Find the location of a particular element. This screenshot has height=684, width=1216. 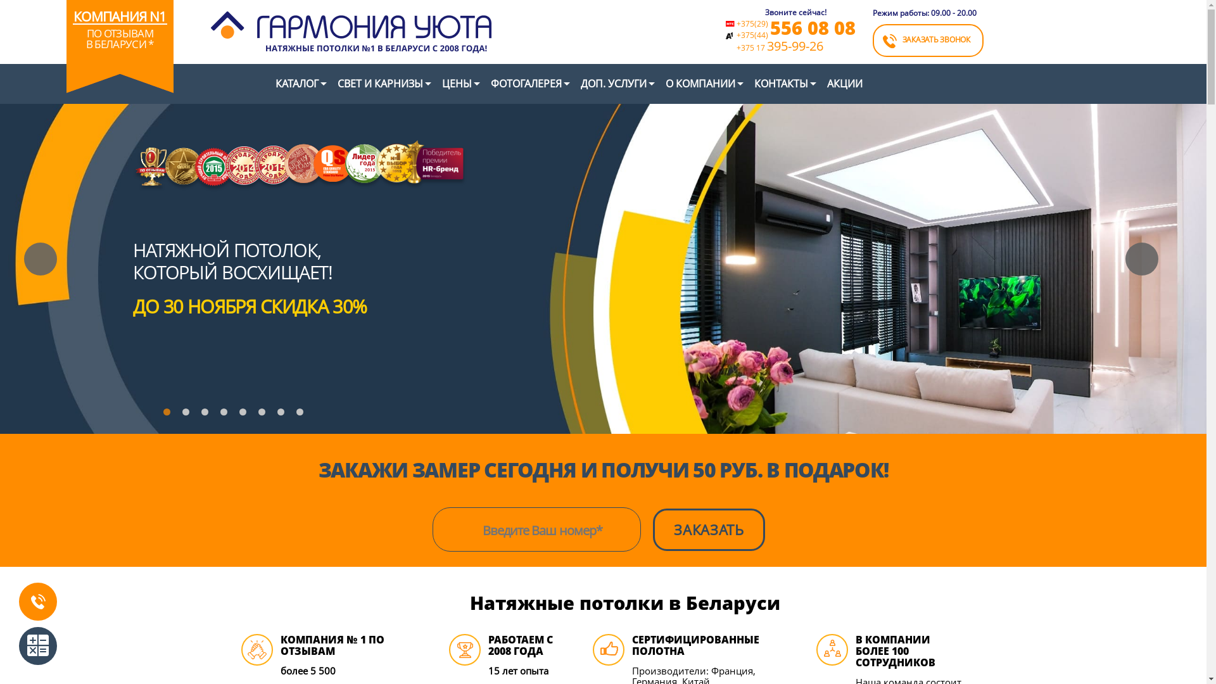

'6' is located at coordinates (263, 415).